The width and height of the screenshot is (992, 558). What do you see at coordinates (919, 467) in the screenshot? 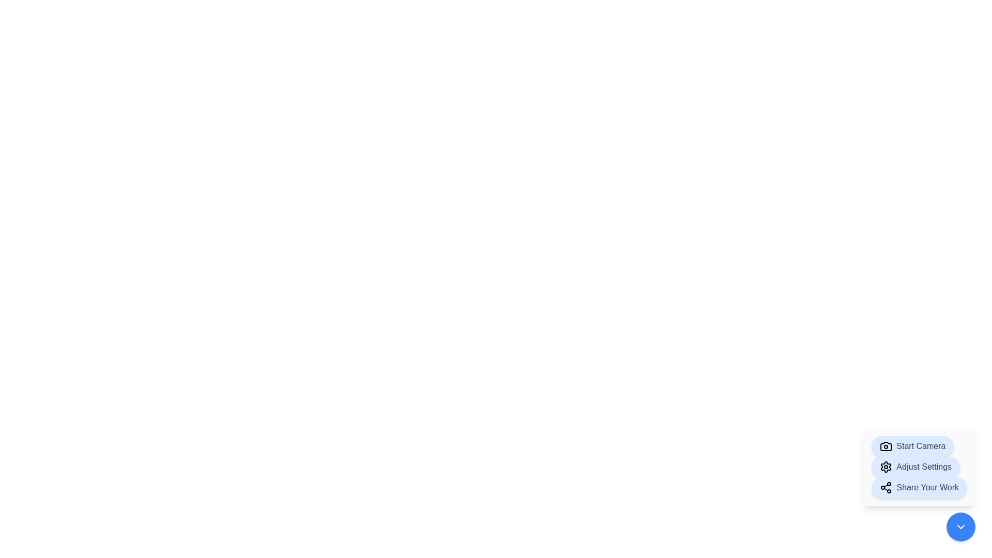
I see `the settings adjustment button located in the bottom-right corner of the interface, situated between the 'Start Camera' button and the 'Share Your Work' button` at bounding box center [919, 467].